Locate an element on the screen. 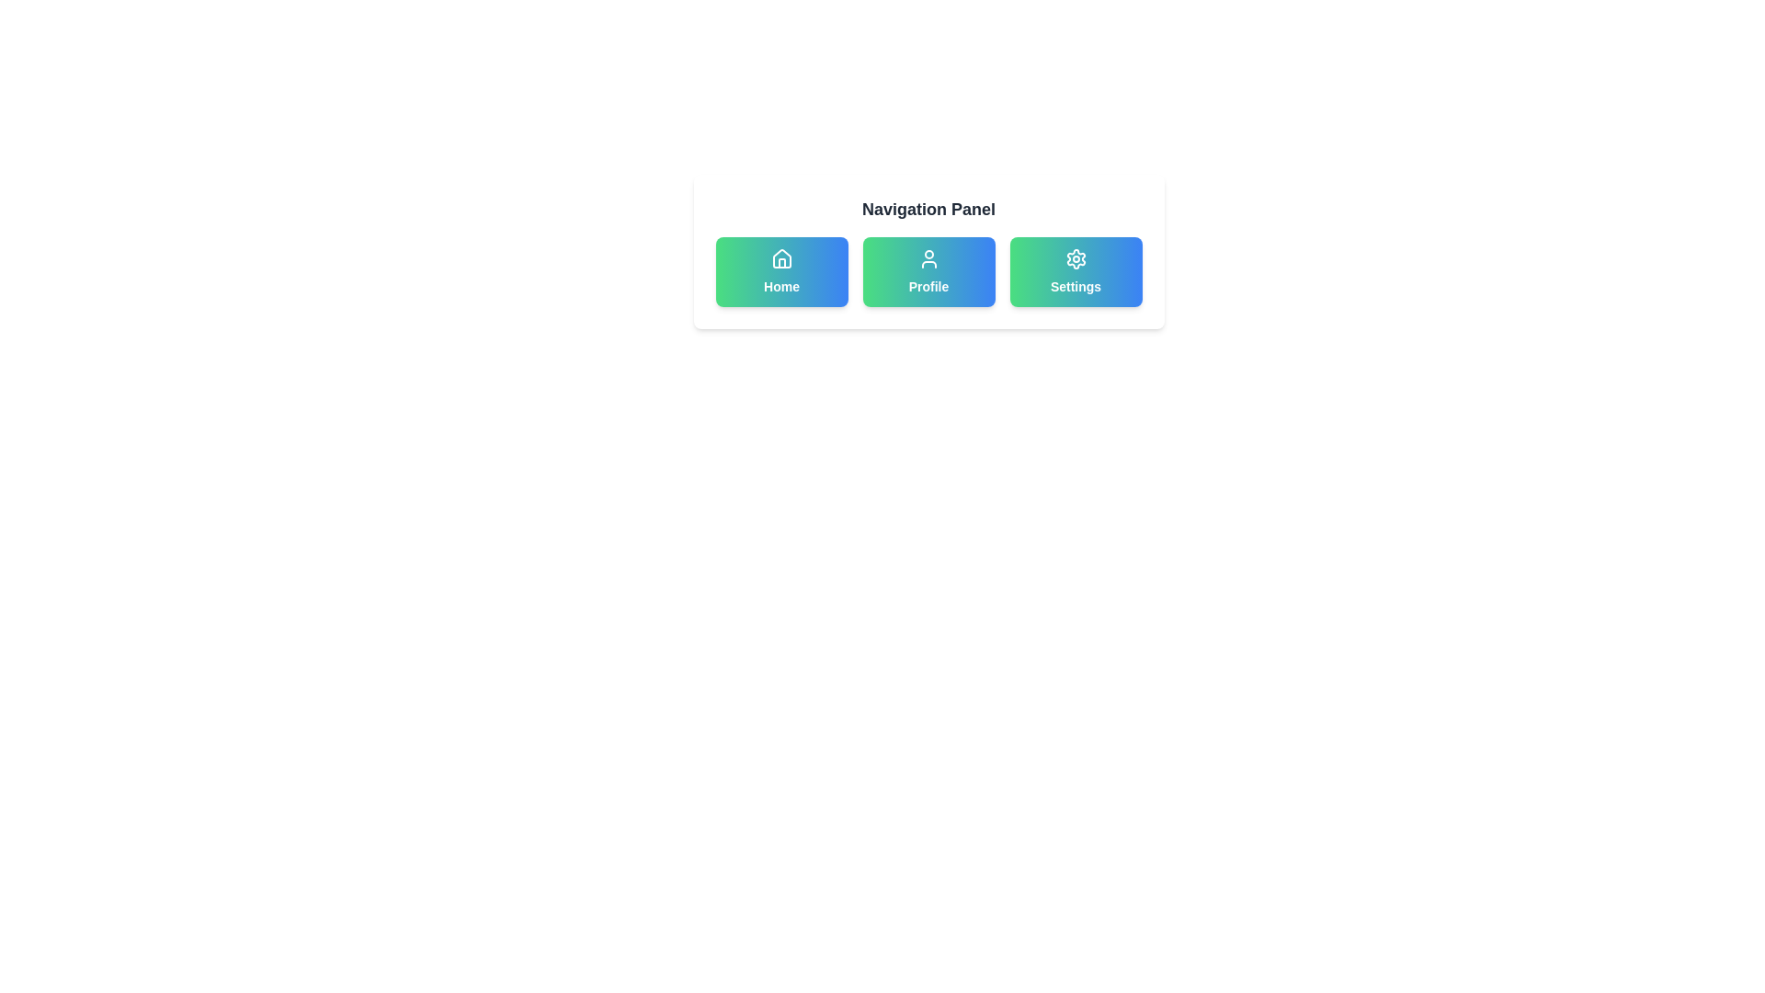  the profile navigation button, which is the second button in the navigation panel, to provide visual feedback is located at coordinates (928, 272).